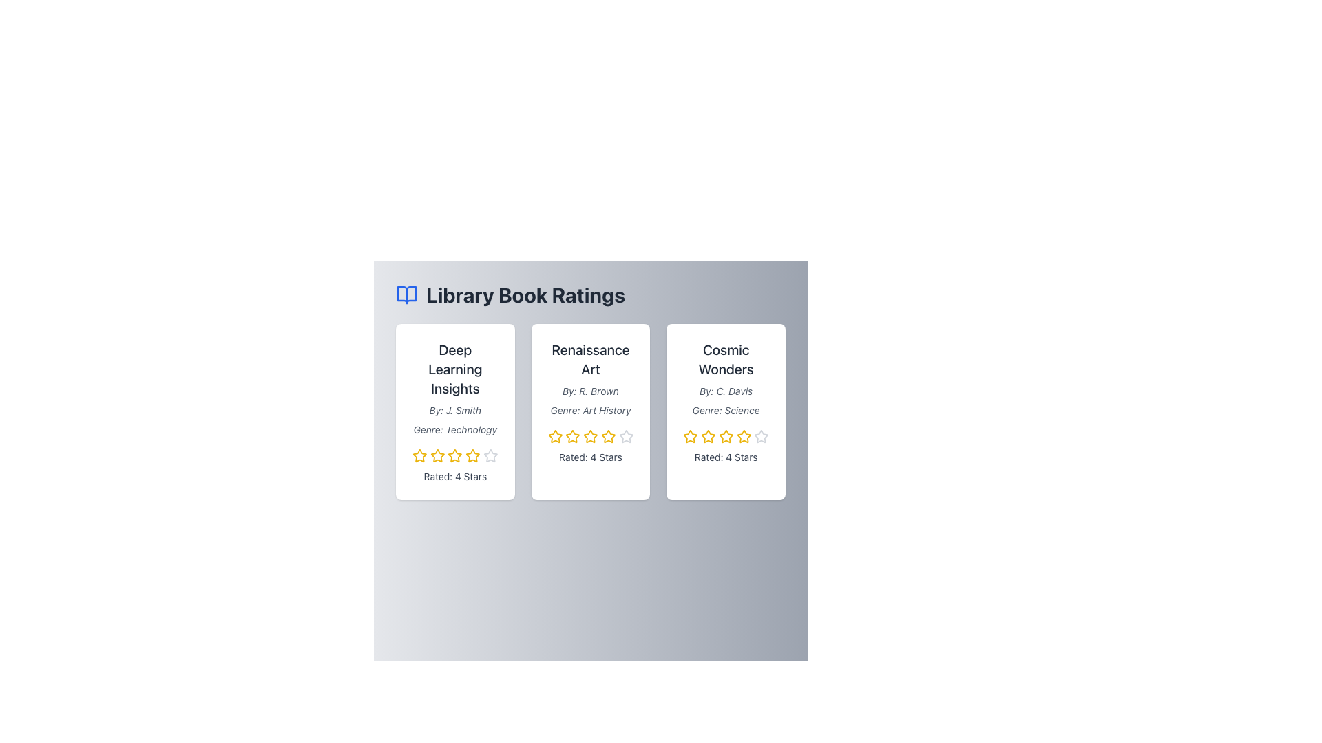 This screenshot has width=1322, height=743. What do you see at coordinates (490, 456) in the screenshot?
I see `the fifth star in the interactive rating stars located at the bottom of the first card beneath the 'Rated: 4 Stars' text` at bounding box center [490, 456].